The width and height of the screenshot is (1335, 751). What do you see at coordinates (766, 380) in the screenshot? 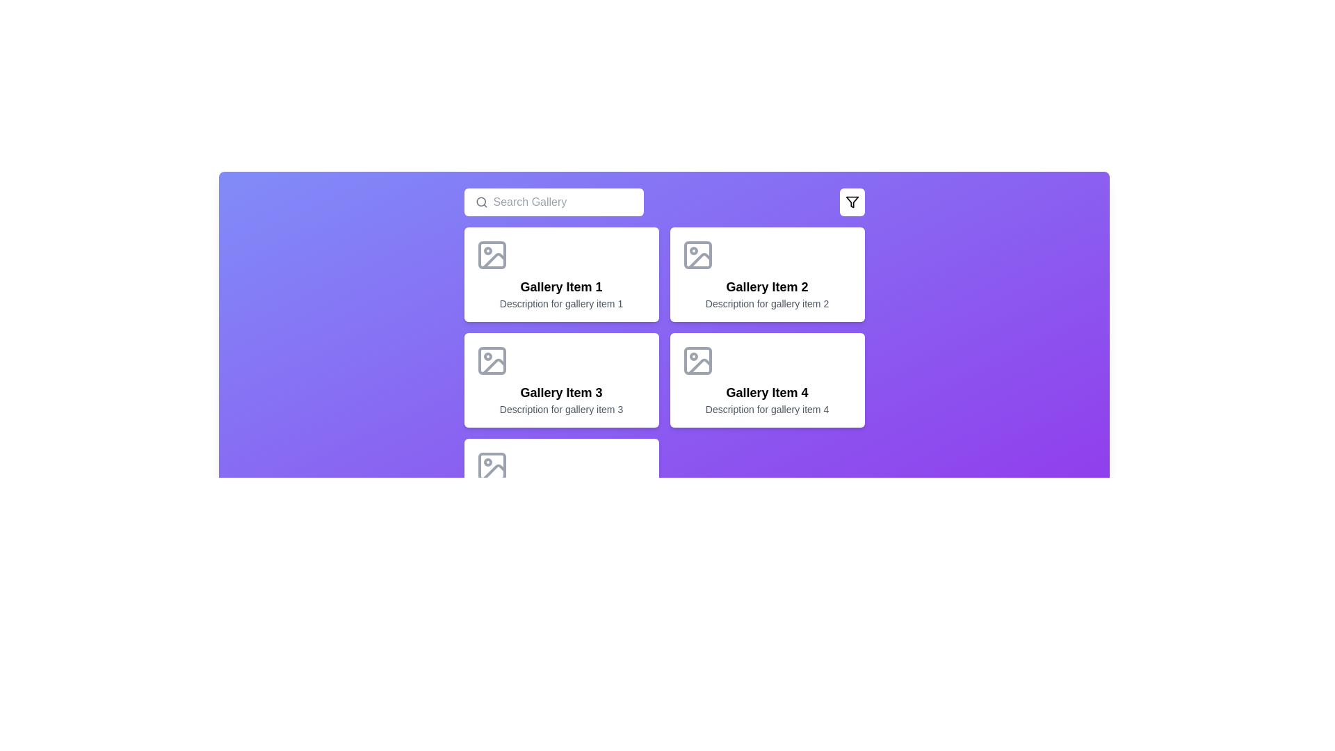
I see `the Card component featuring the title 'Gallery Item 4' and a description 'Description for gallery item 4', which is located in the second column of the second row of the gallery layout` at bounding box center [766, 380].